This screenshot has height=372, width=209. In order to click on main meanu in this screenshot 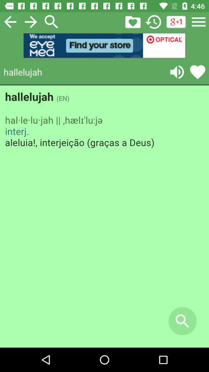, I will do `click(199, 21)`.